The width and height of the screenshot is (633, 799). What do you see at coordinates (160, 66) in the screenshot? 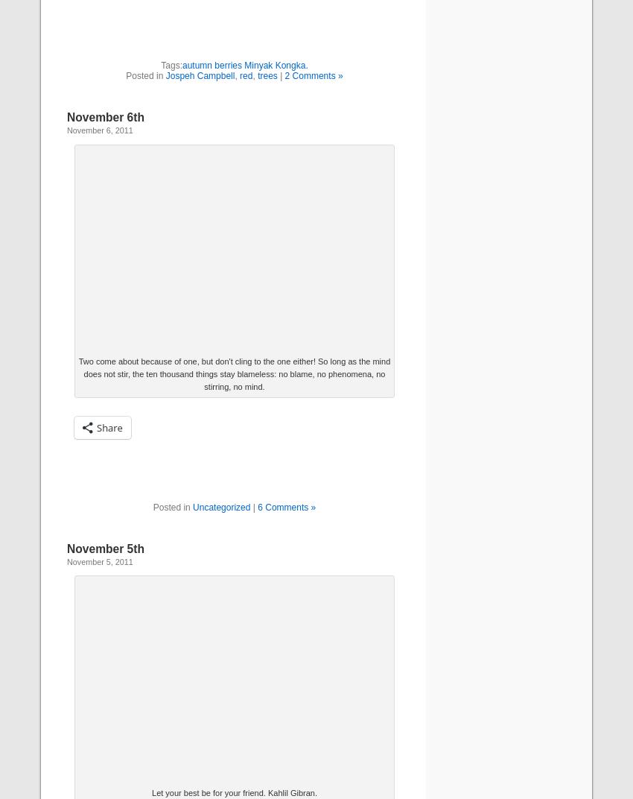
I see `'Tags:'` at bounding box center [160, 66].